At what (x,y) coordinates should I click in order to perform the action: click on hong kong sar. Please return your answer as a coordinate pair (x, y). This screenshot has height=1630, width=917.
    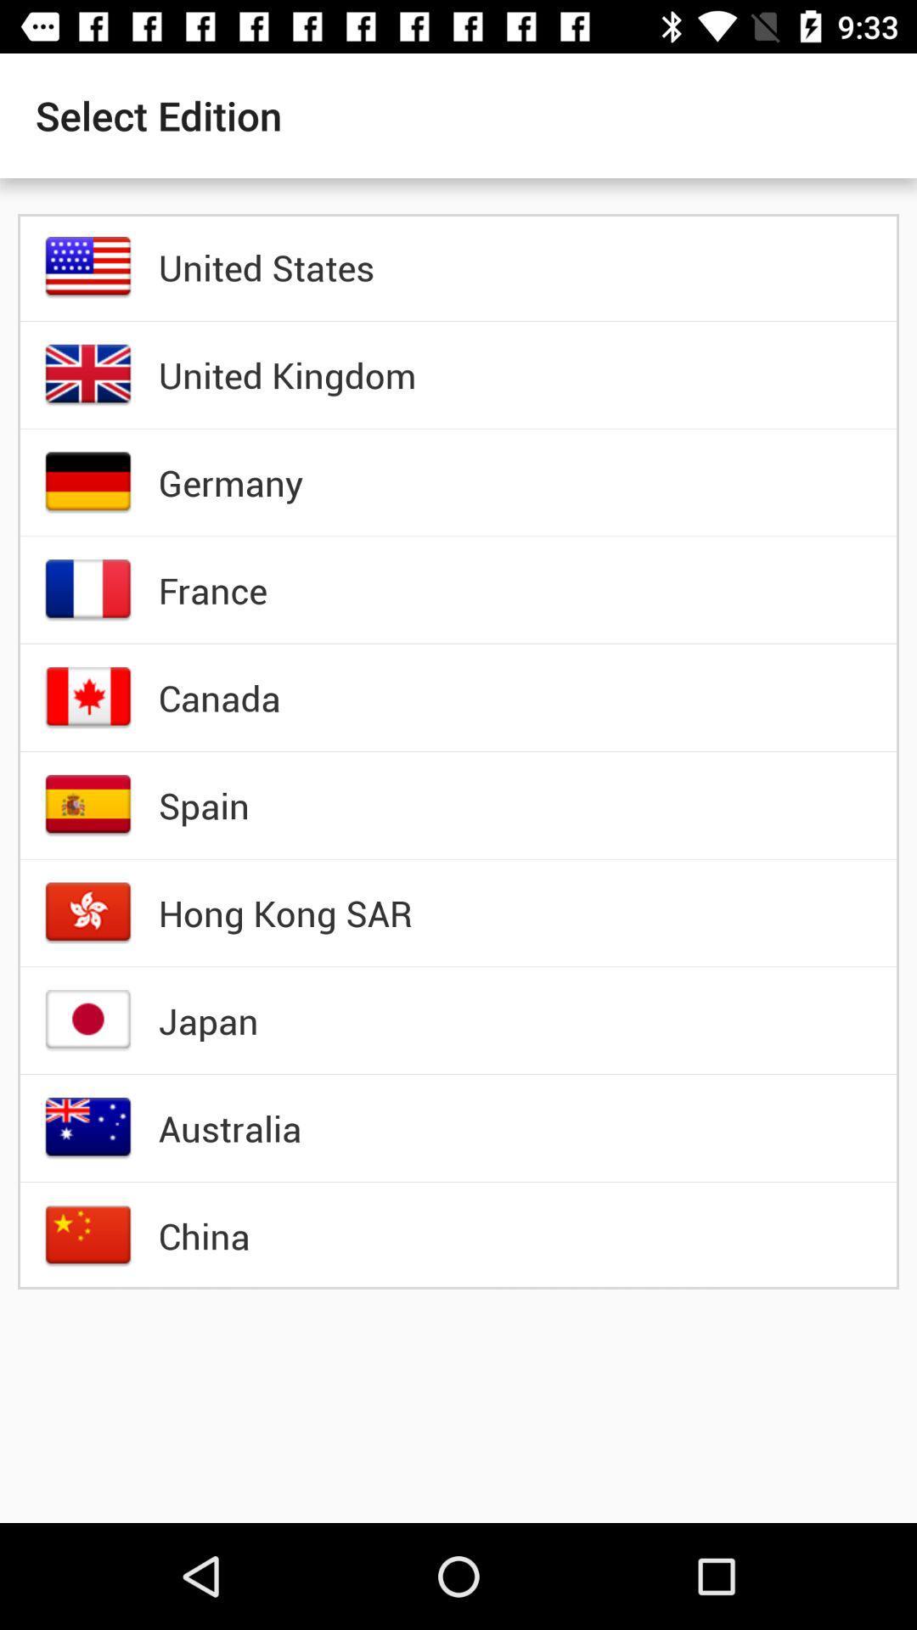
    Looking at the image, I should click on (284, 912).